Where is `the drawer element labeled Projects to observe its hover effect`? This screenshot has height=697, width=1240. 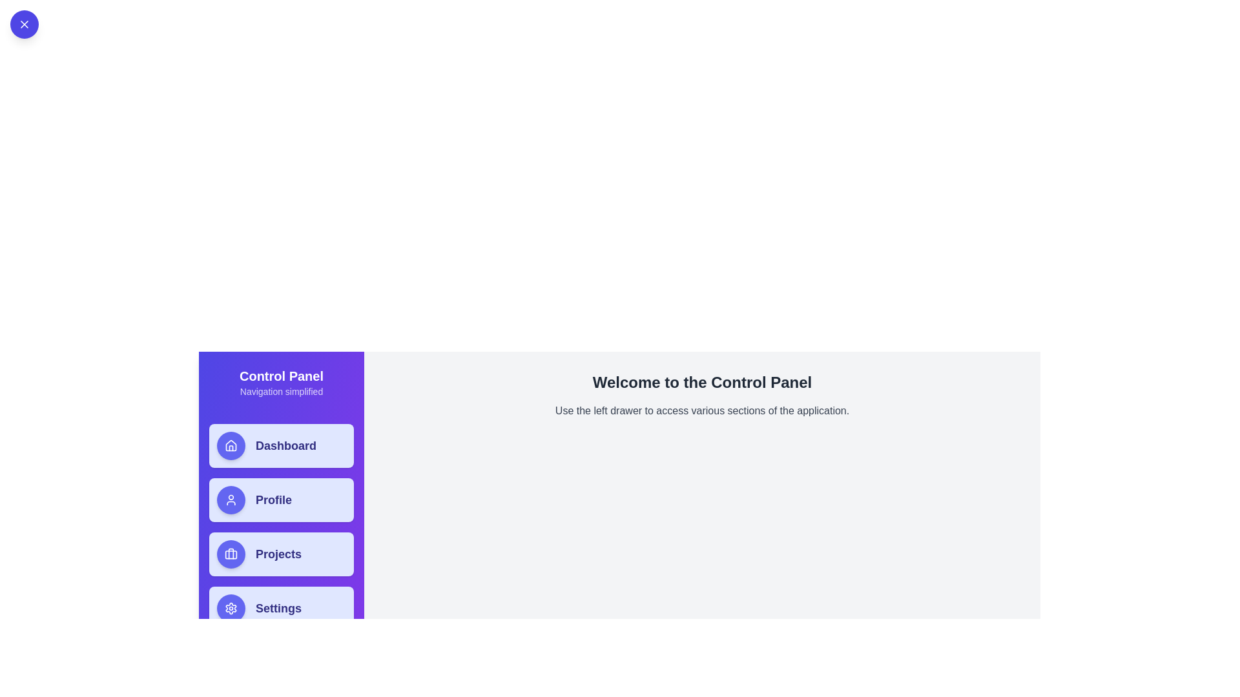
the drawer element labeled Projects to observe its hover effect is located at coordinates (281, 554).